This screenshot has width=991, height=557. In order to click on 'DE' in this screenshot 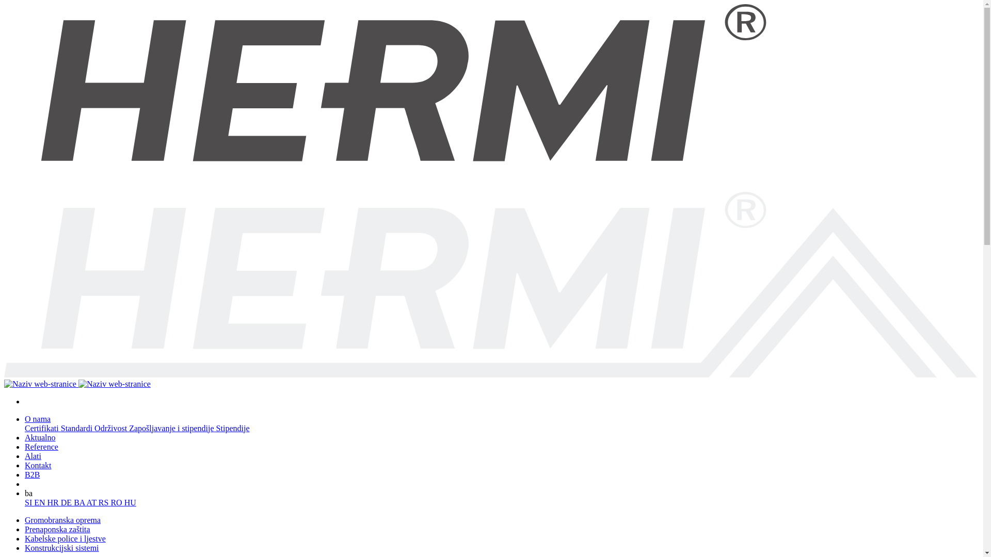, I will do `click(67, 502)`.